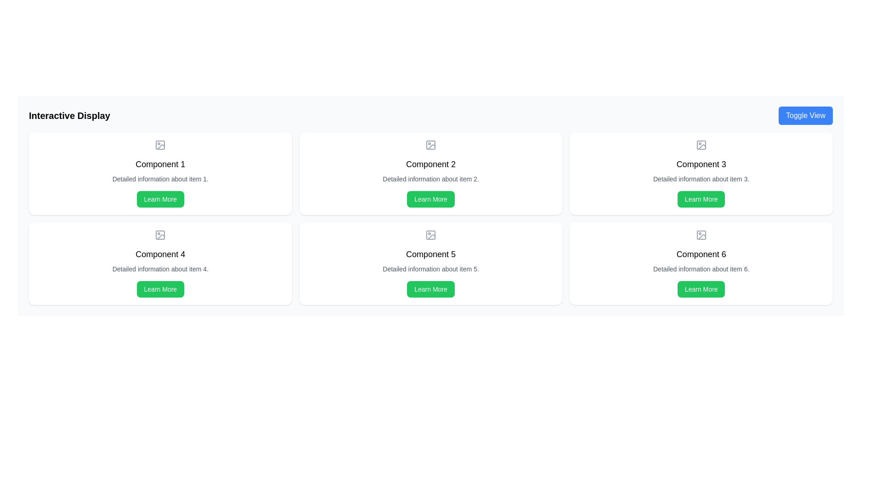 Image resolution: width=882 pixels, height=496 pixels. I want to click on the 'Component 3' card located in the top-right corner of the first row in the 3x2 grid, so click(701, 174).